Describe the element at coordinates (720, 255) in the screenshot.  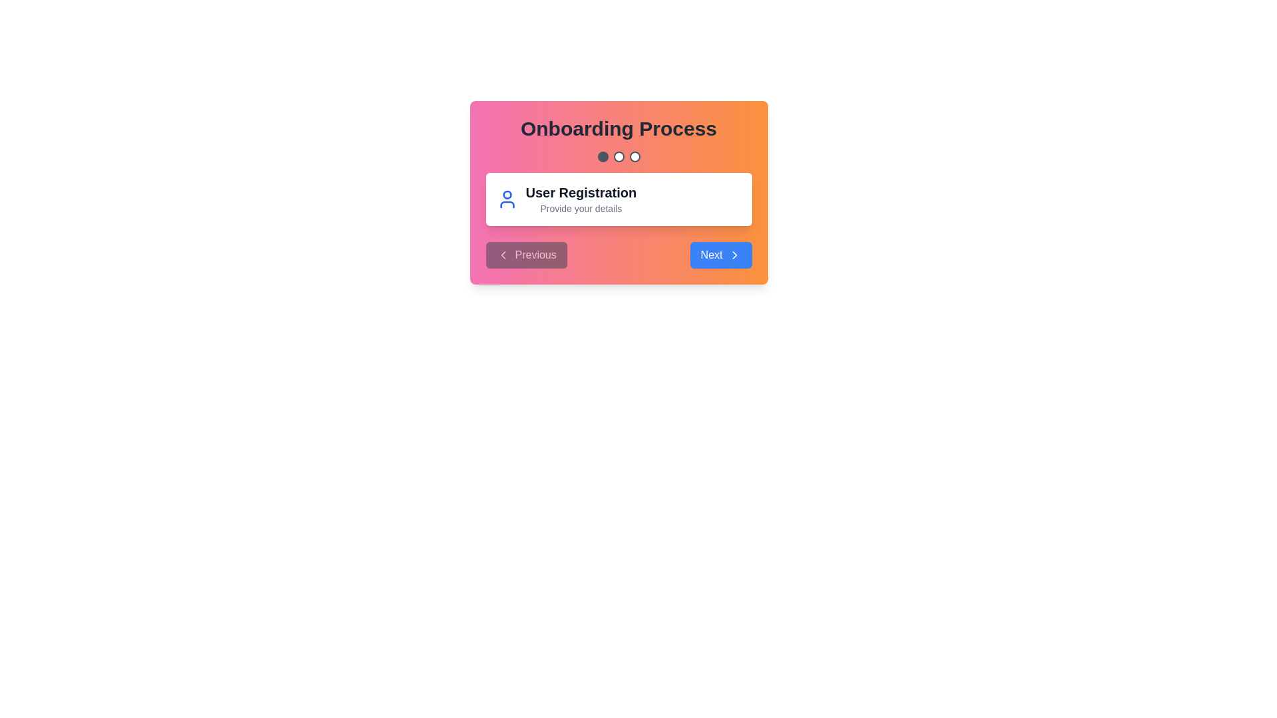
I see `the blue button labeled 'Next' with white text and a right-pointing chevron icon located at the bottom-right of the 'Onboarding Process' card` at that location.